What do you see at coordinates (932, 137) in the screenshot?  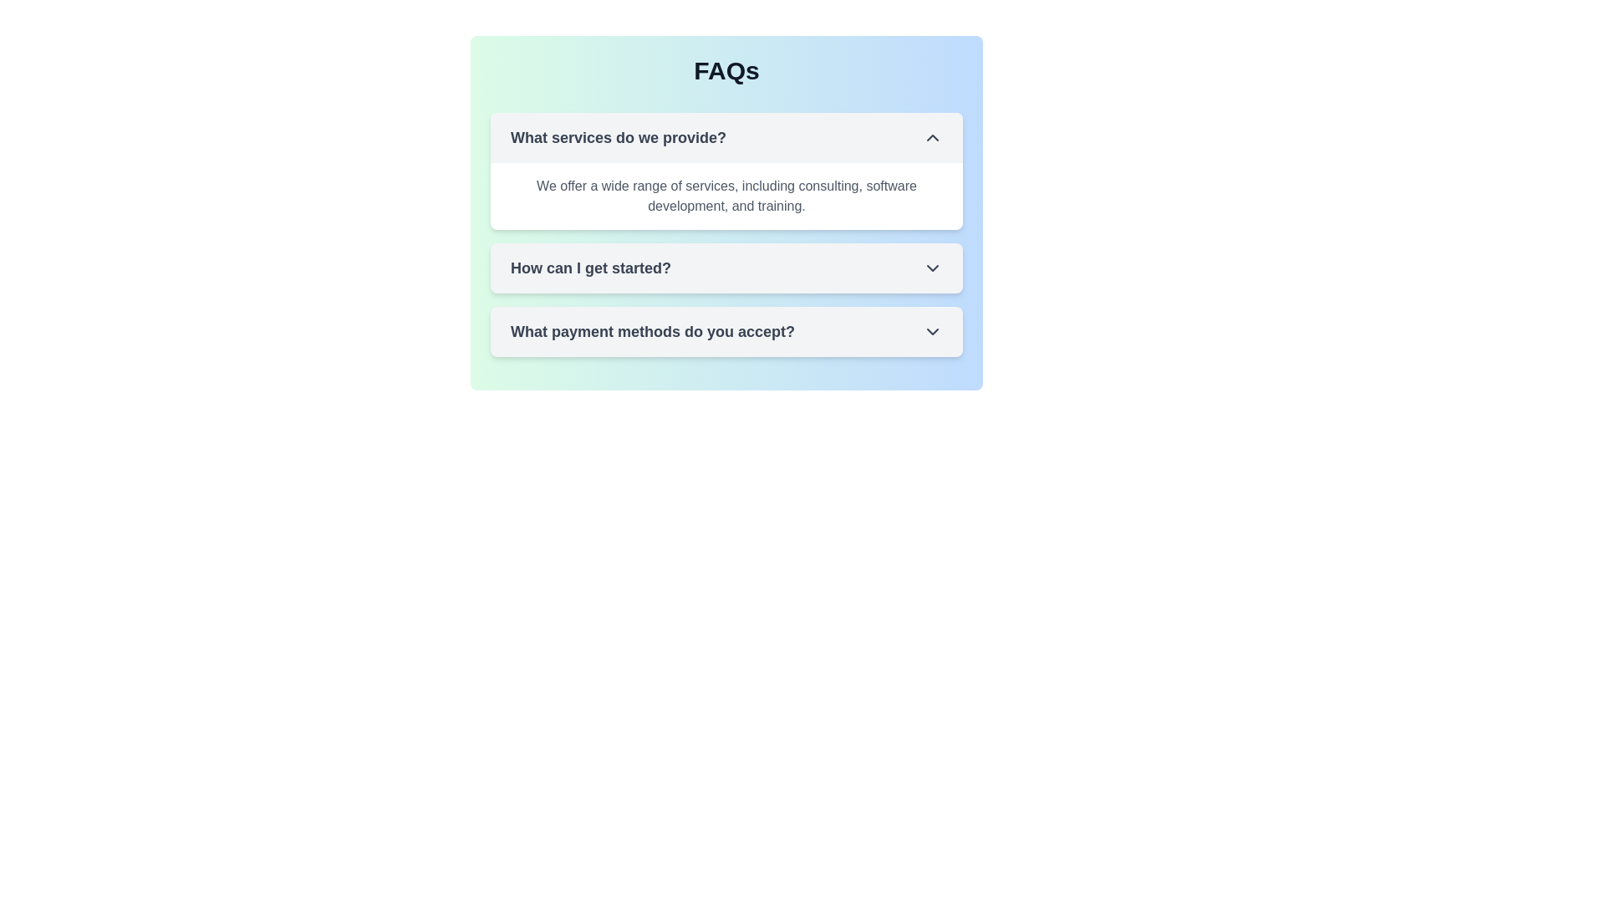 I see `the chevron-up icon located in the top right corner of the FAQ item titled 'What services do we provide?'` at bounding box center [932, 137].